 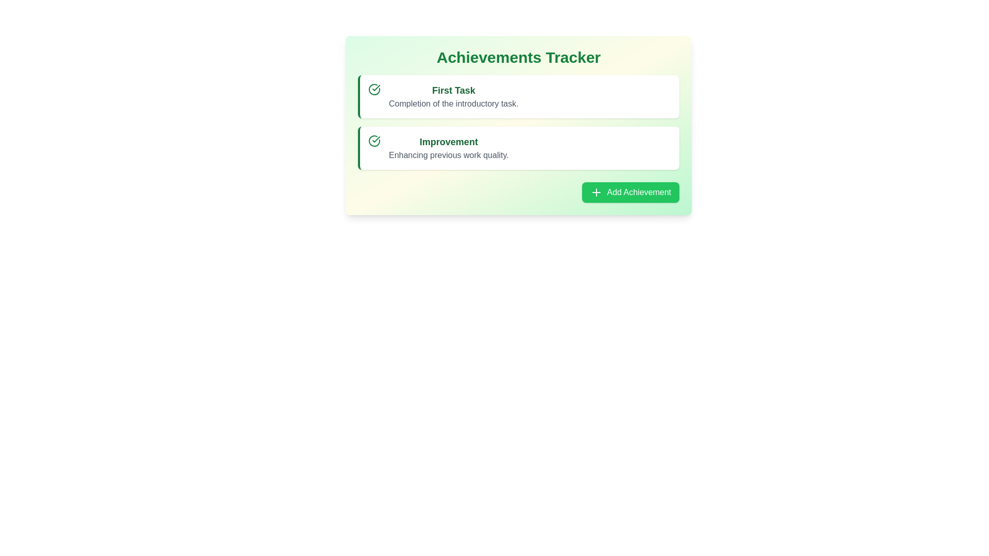 What do you see at coordinates (596, 193) in the screenshot?
I see `the small plus icon within the green button labeled 'Add Achievement'` at bounding box center [596, 193].